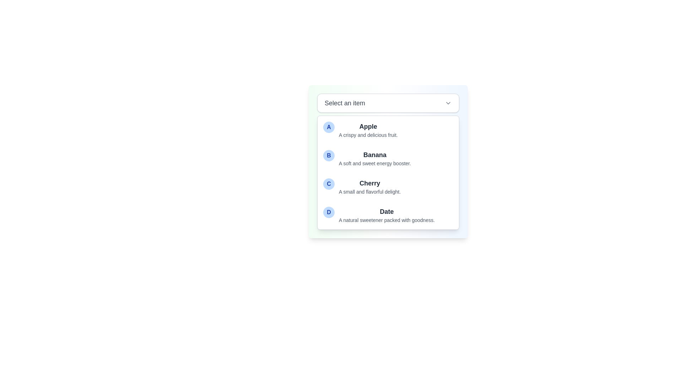  Describe the element at coordinates (368, 130) in the screenshot. I see `the list item describing 'Apple', which includes a bold heading and smaller descriptive text` at that location.